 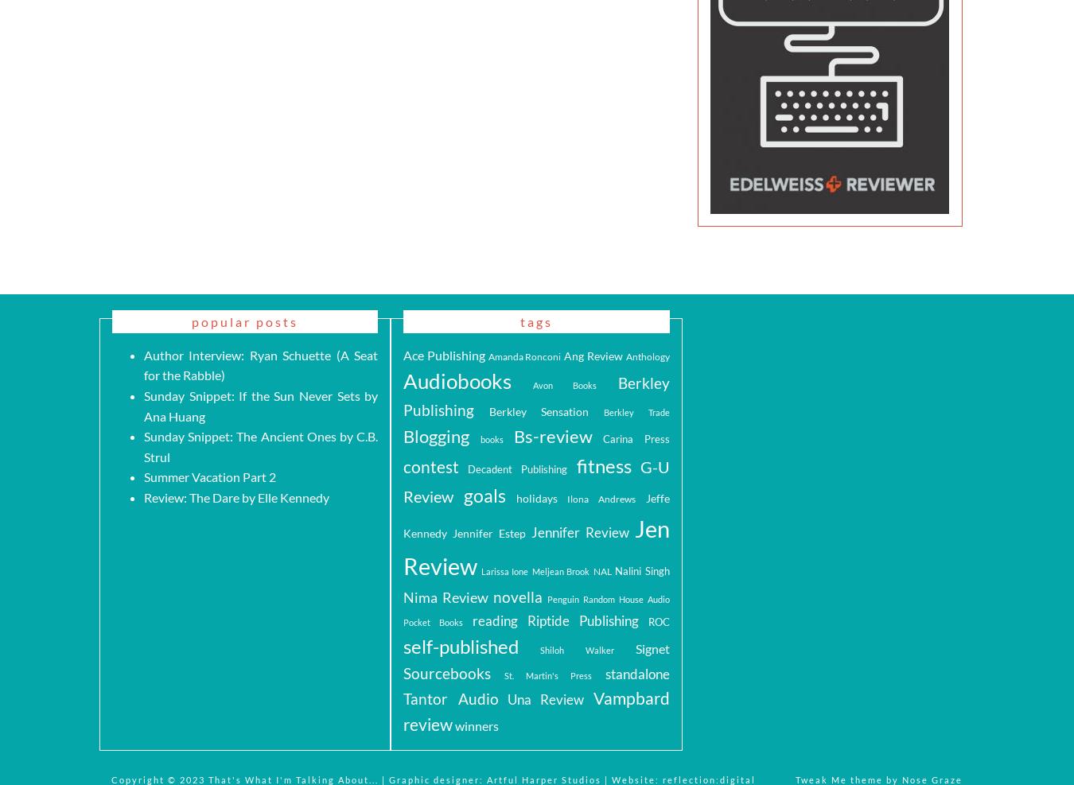 I want to click on 'Amanda Ronconi', so click(x=488, y=355).